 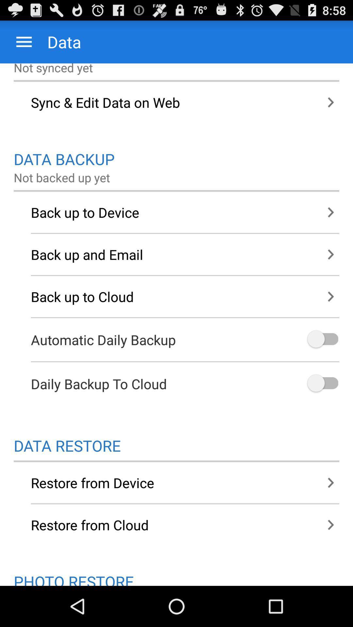 I want to click on the menu icon, so click(x=24, y=44).